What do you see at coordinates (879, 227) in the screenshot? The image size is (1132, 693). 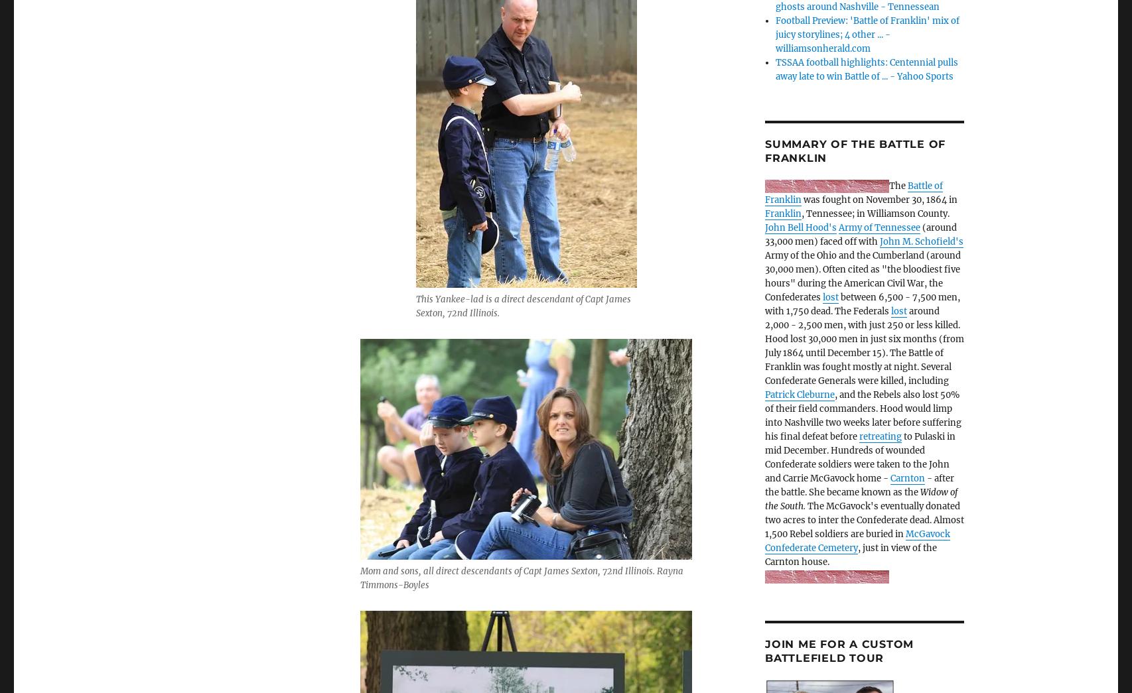 I see `'Army of Tennessee'` at bounding box center [879, 227].